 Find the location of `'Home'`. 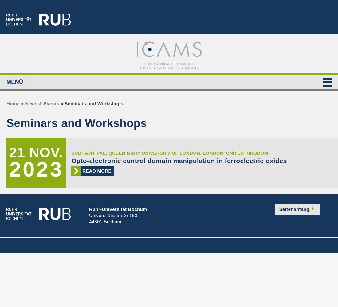

'Home' is located at coordinates (13, 103).